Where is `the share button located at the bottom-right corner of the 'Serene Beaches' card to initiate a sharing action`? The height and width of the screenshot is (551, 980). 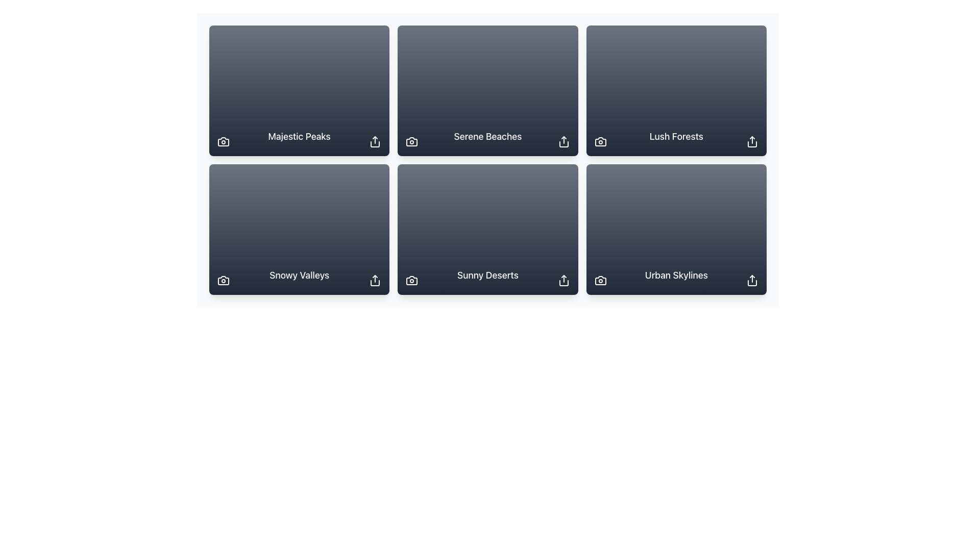
the share button located at the bottom-right corner of the 'Serene Beaches' card to initiate a sharing action is located at coordinates (563, 141).